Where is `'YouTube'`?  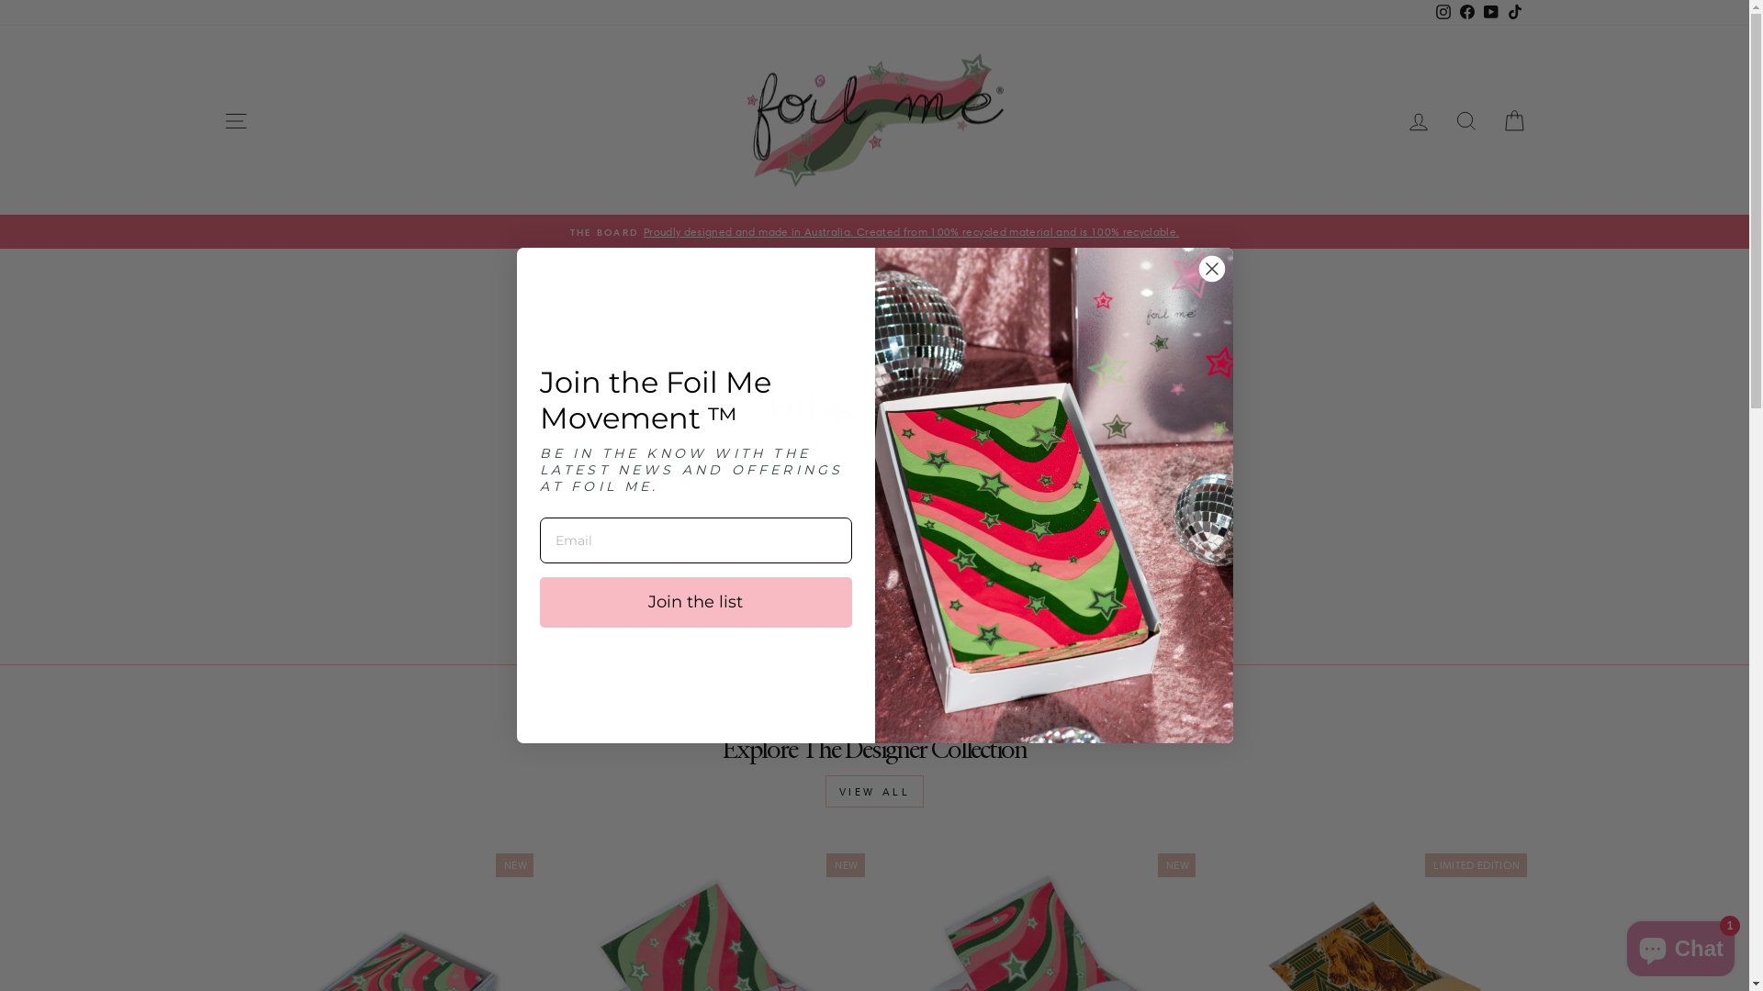
'YouTube' is located at coordinates (1489, 13).